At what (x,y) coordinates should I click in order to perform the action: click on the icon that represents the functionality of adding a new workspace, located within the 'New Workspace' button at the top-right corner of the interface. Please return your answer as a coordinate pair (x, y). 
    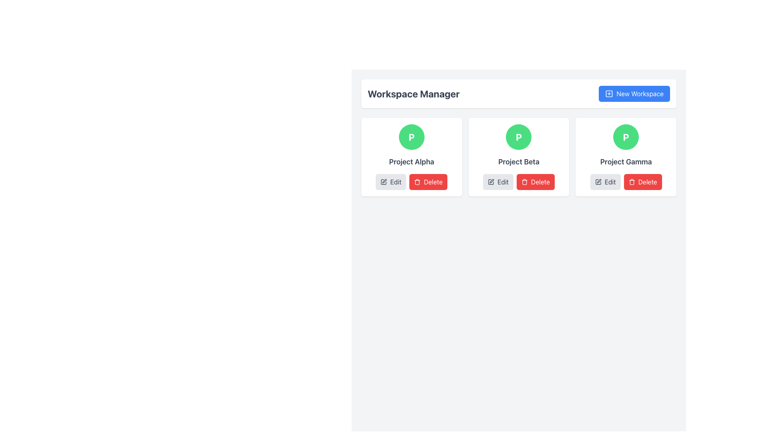
    Looking at the image, I should click on (609, 93).